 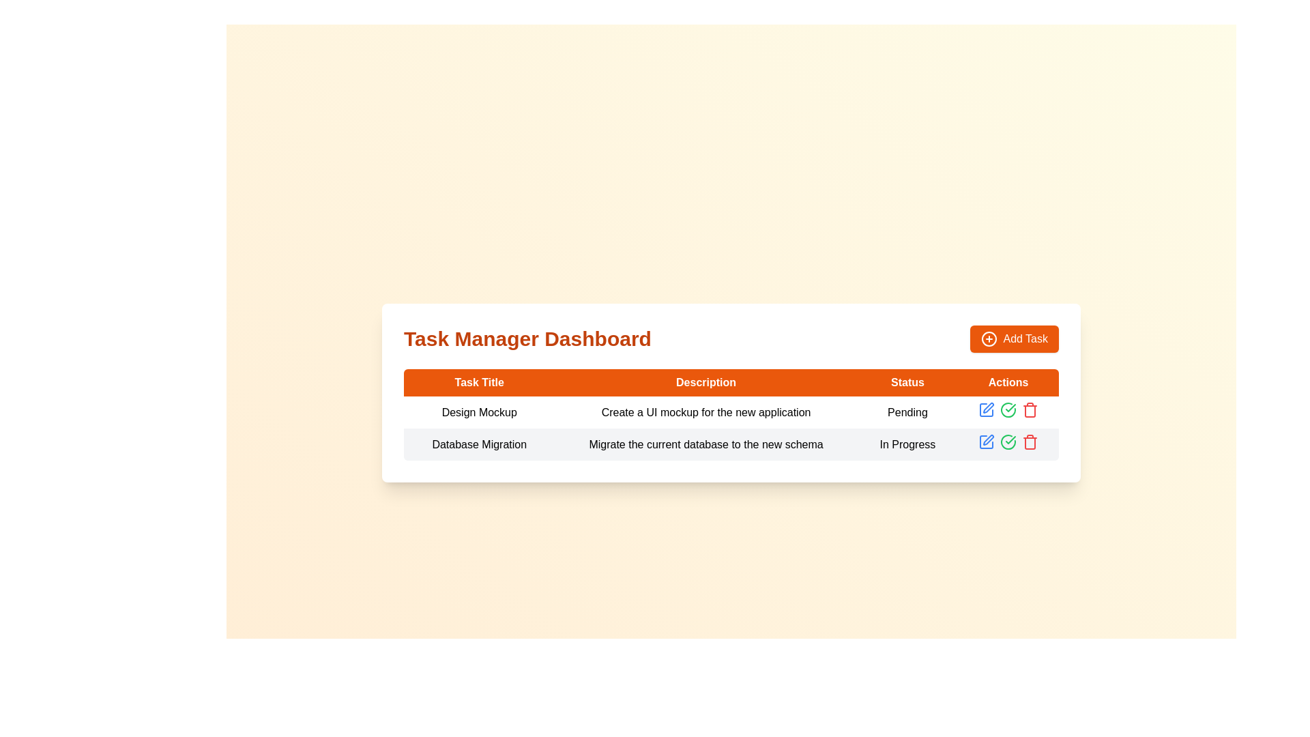 I want to click on the second row in the task table that contains the text 'Database Migration', so click(x=730, y=444).